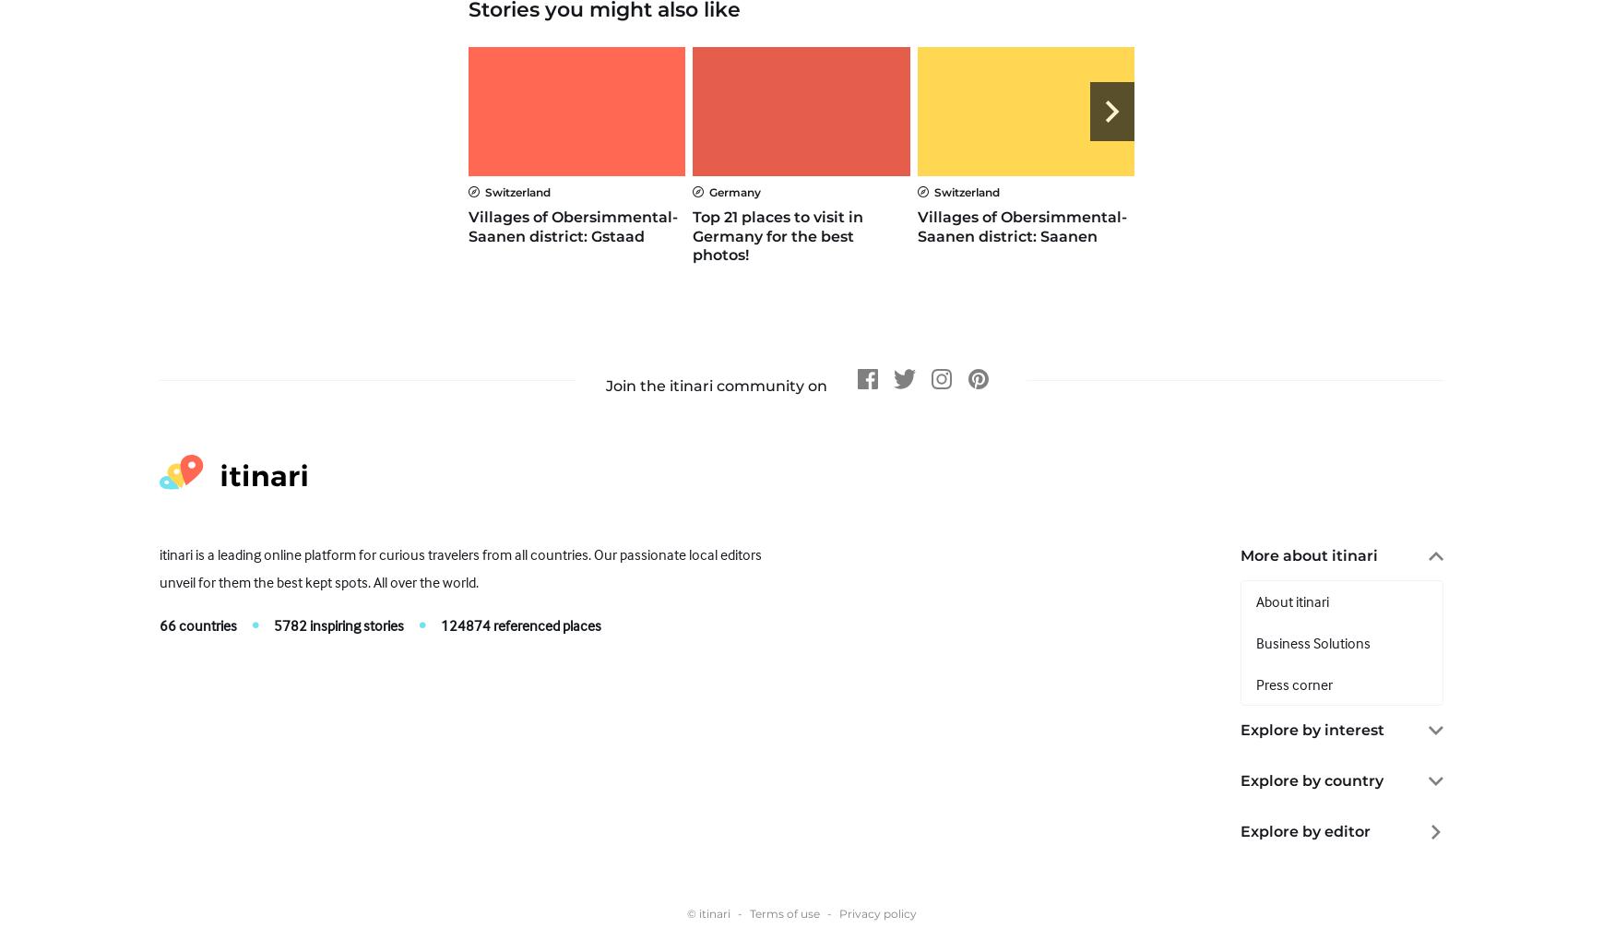 The width and height of the screenshot is (1603, 952). Describe the element at coordinates (1020, 224) in the screenshot. I see `'Villages of Obersimmental-Saanen district: Saanen'` at that location.